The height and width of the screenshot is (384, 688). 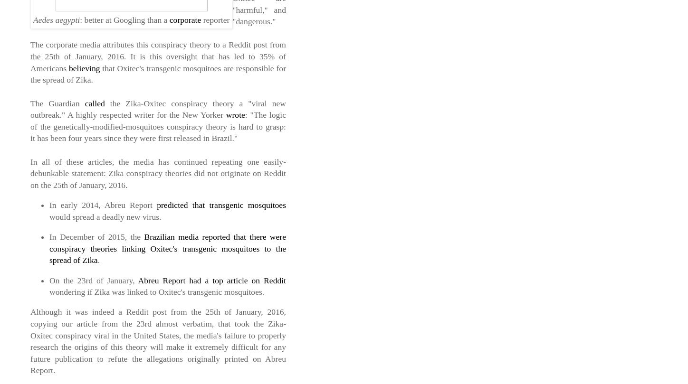 I want to click on 'Although it was indeed a Reddit post from the 25th of January, 2016, copying our article from the 23rd almost verbatim, that took the Zika-Oxitec conspiracy viral in the United States, the media's failure to properly research the origins of this theory will make it extremely difficult for any future publication to refute the allegations originally printed on Abreu Report.', so click(x=30, y=340).